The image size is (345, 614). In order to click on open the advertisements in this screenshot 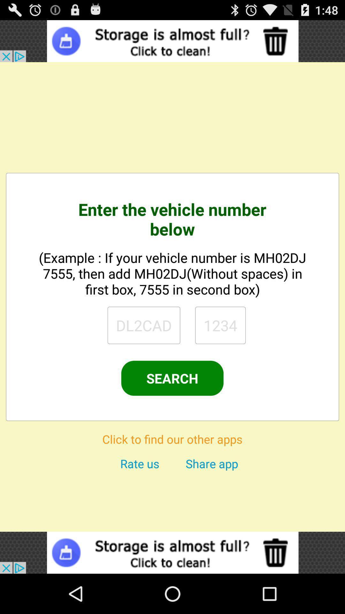, I will do `click(172, 552)`.